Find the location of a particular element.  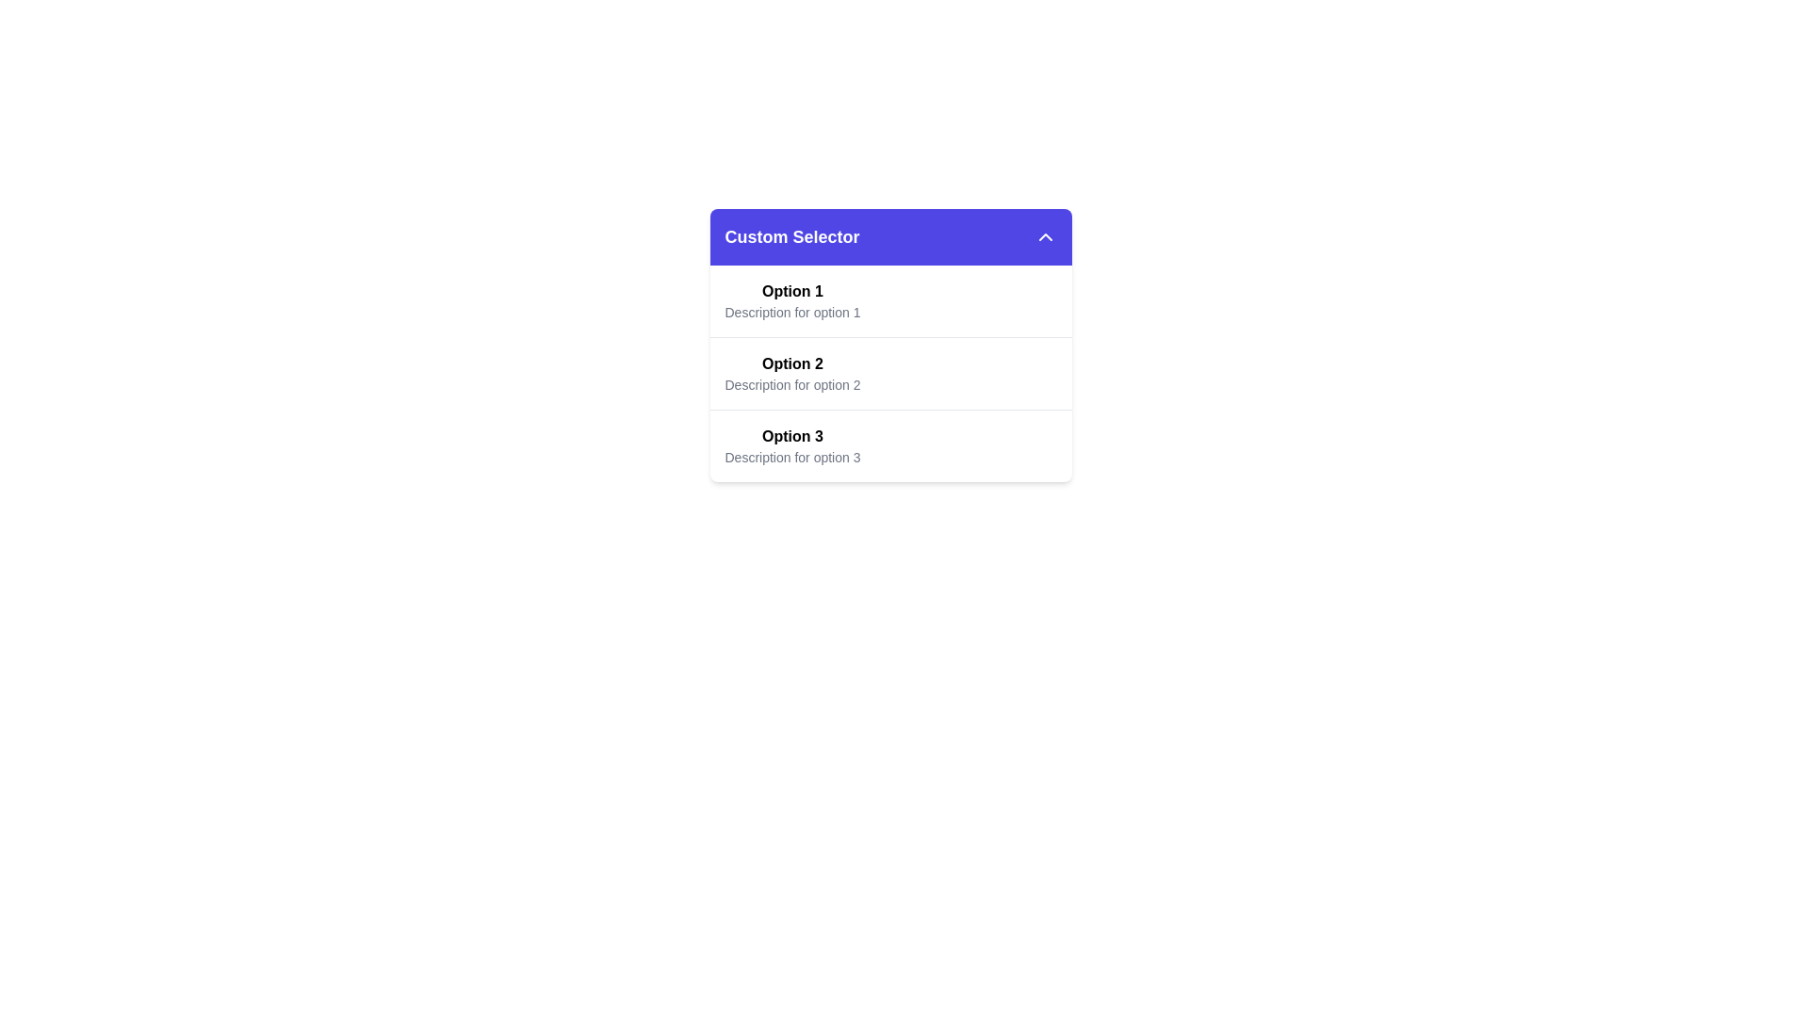

the static text label reading 'Description for option 1' which is located beneath the bolded text 'Option 1' in the dropdown menu is located at coordinates (792, 311).